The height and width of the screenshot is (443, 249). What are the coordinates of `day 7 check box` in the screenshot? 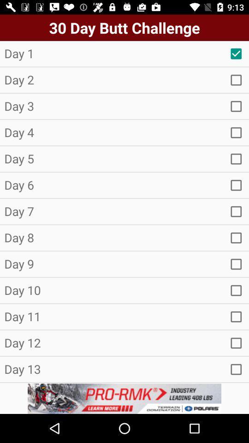 It's located at (236, 211).